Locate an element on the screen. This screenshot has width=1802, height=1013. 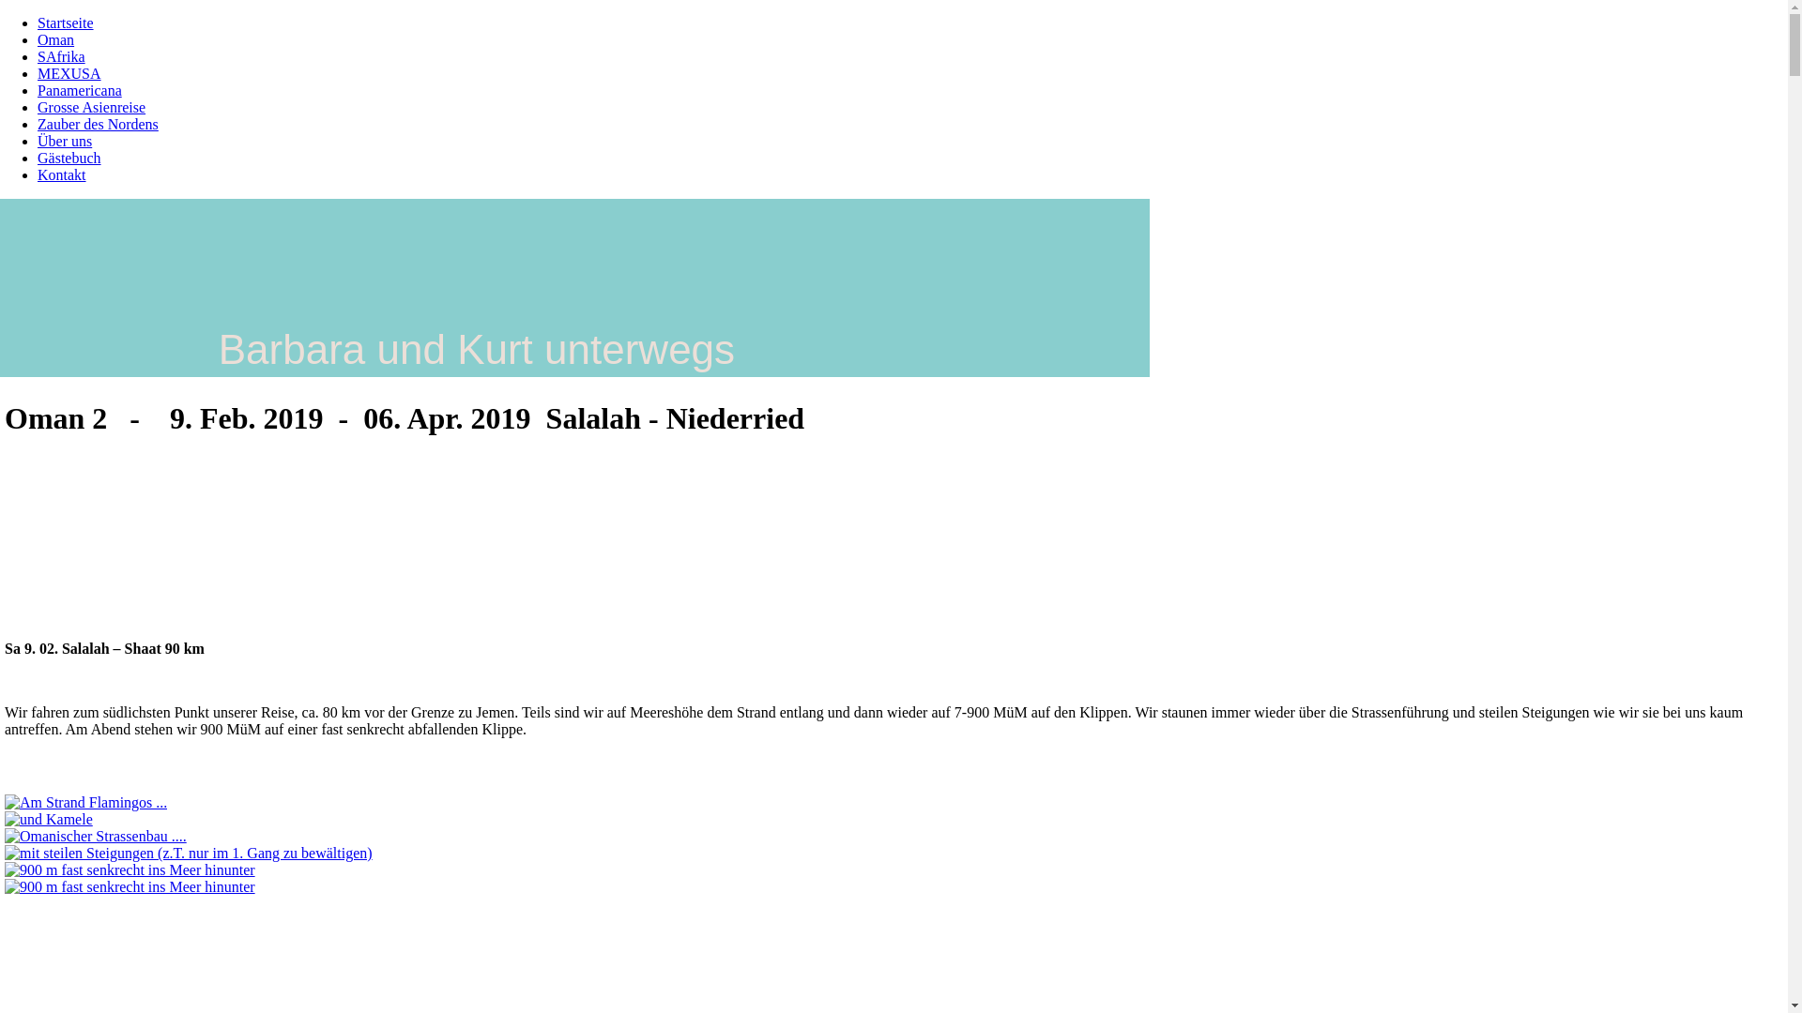
'Kontakt' is located at coordinates (37, 174).